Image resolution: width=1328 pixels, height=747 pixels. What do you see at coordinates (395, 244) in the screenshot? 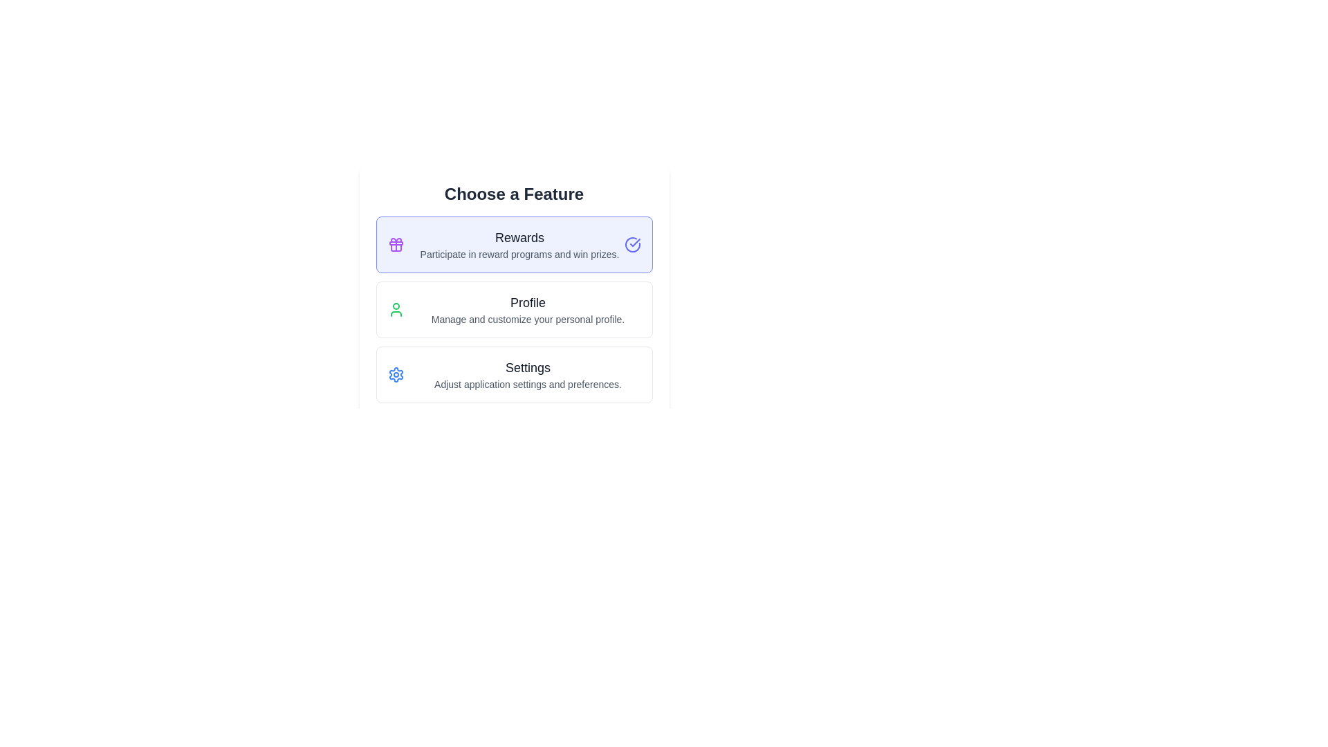
I see `the rewards icon located to the left of the text 'Rewards Participate in reward programs and win prizes.'` at bounding box center [395, 244].